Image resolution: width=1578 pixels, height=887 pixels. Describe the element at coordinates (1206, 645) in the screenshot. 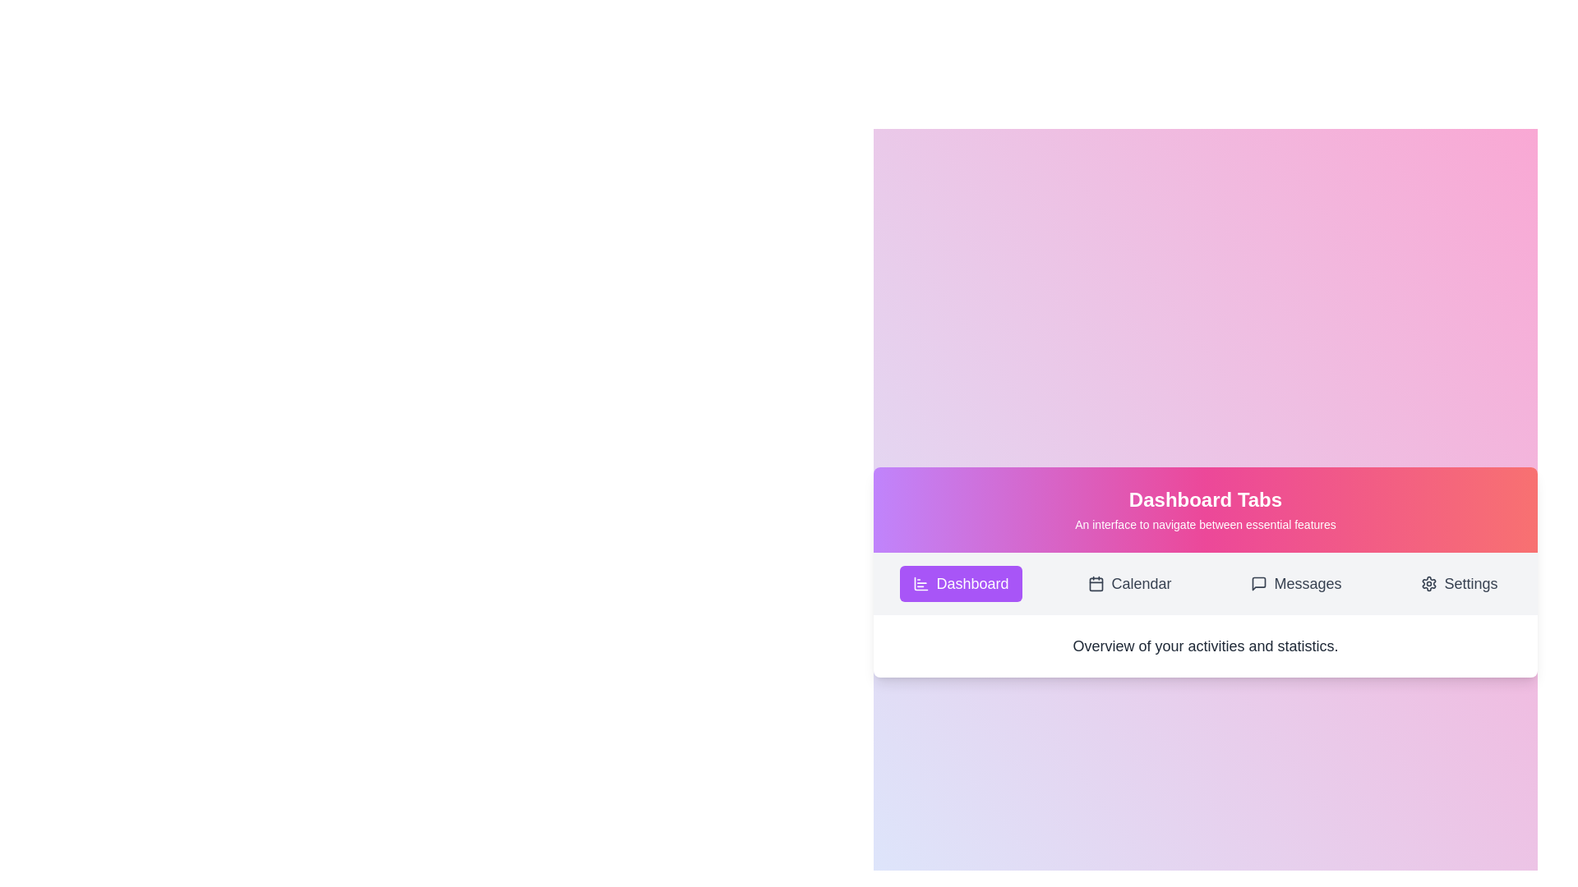

I see `the text element displaying 'Overview of your activities and statistics.' to possibly trigger a tooltip` at that location.